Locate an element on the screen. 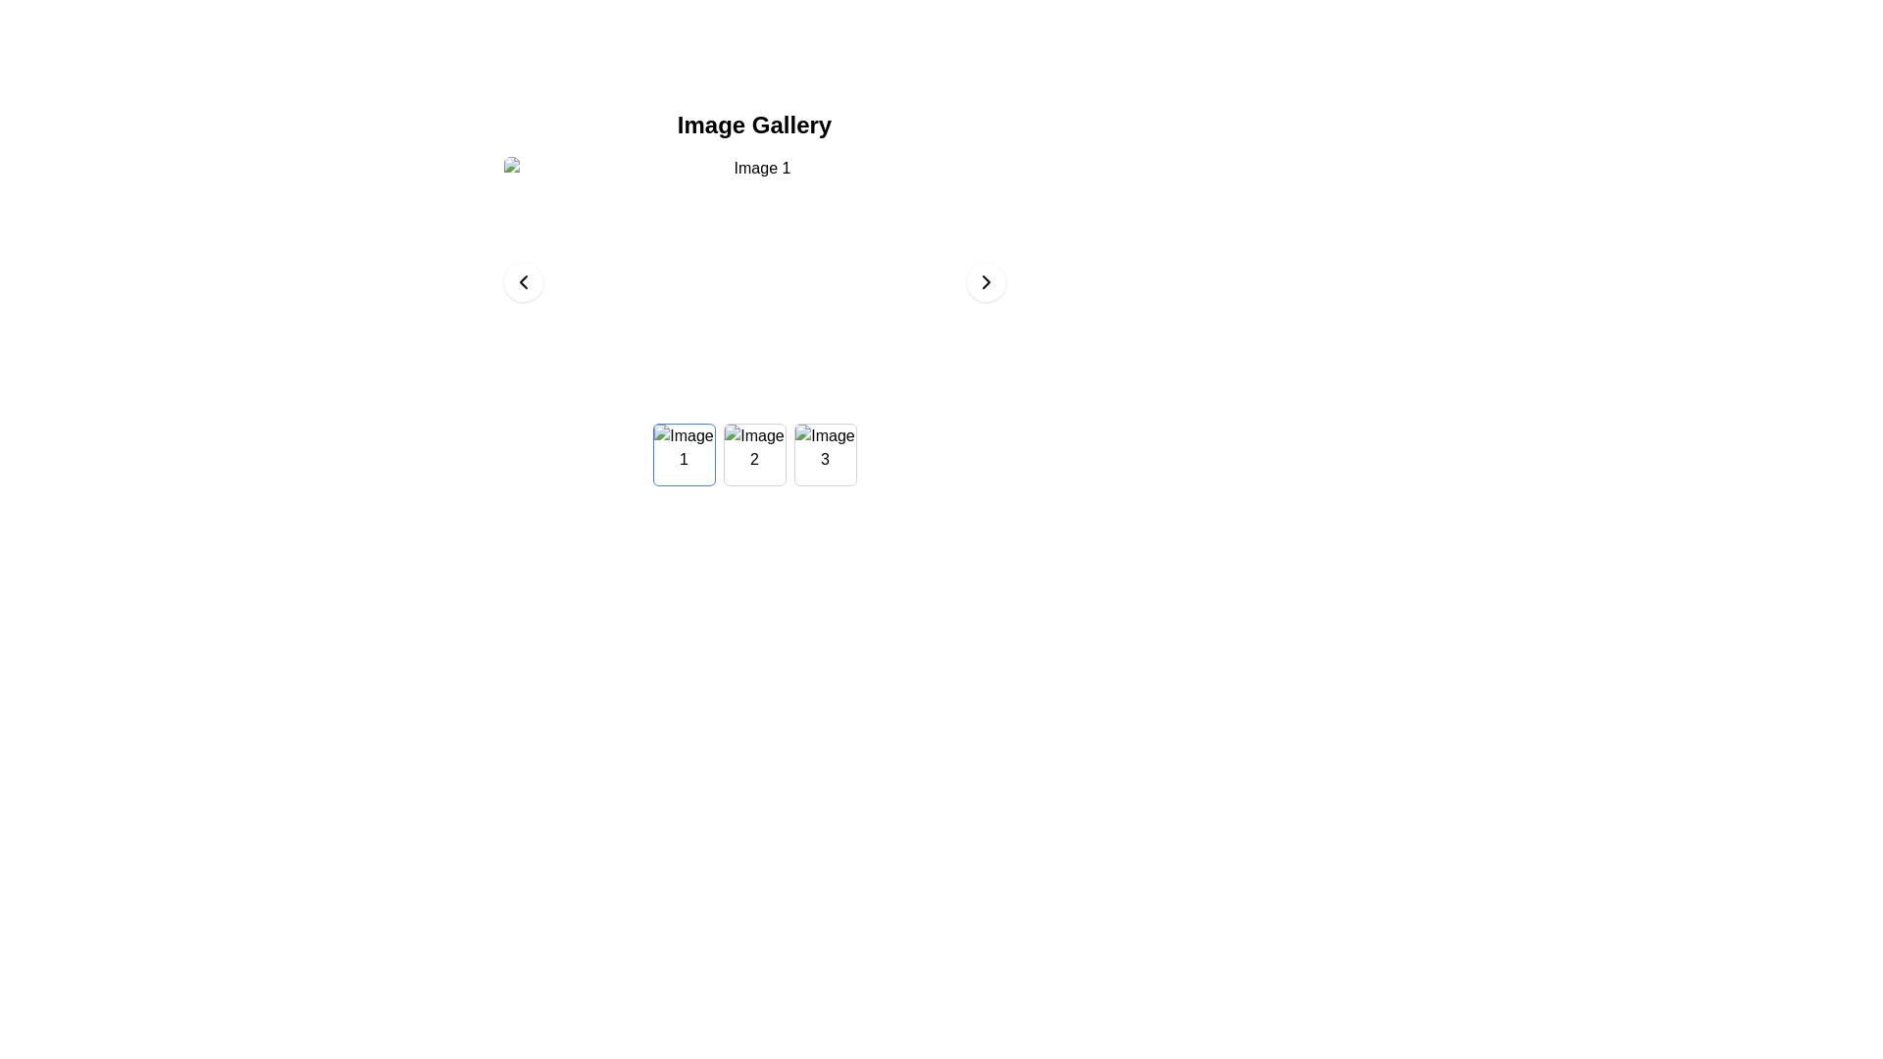  the image thumbnail displaying 'Image 3' is located at coordinates (825, 454).